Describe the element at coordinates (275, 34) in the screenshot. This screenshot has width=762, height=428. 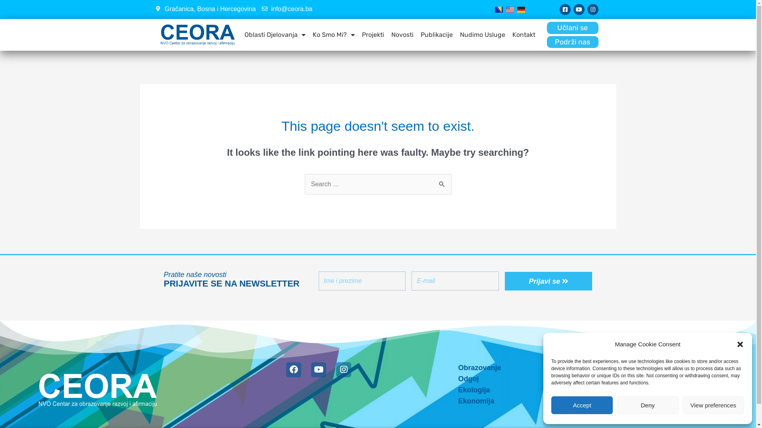
I see `'Oblasti Djelovanja'` at that location.